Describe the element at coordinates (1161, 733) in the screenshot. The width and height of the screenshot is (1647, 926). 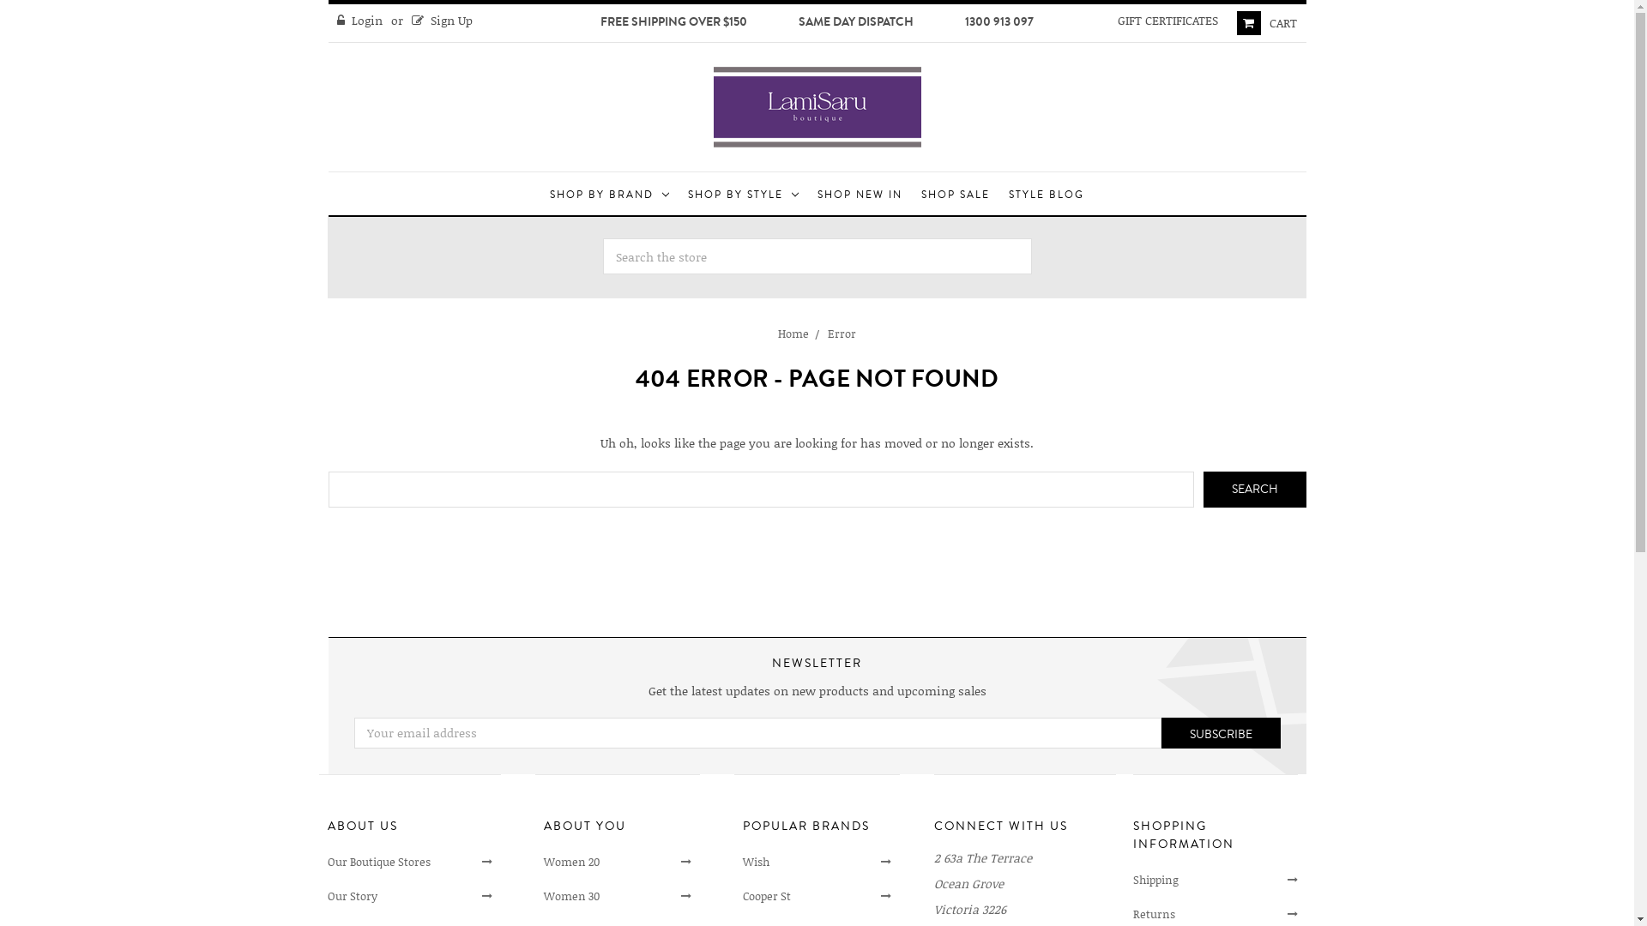
I see `'Subscribe'` at that location.